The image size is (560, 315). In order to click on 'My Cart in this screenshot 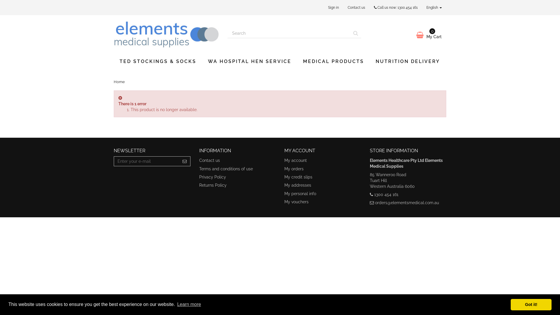, I will do `click(408, 35)`.